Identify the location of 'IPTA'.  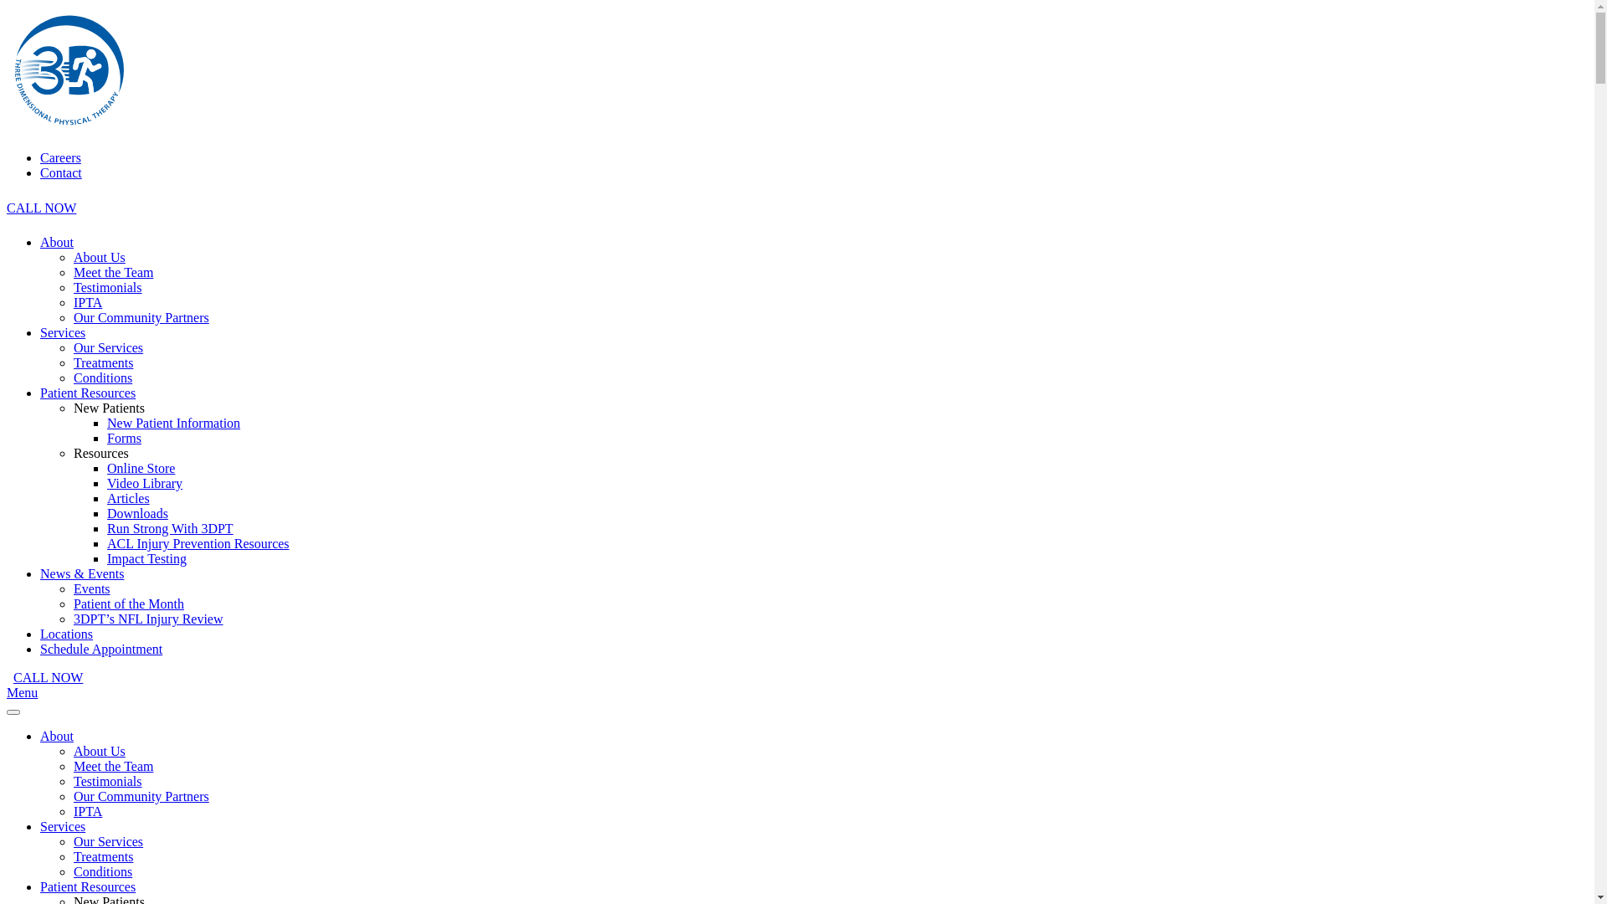
(87, 810).